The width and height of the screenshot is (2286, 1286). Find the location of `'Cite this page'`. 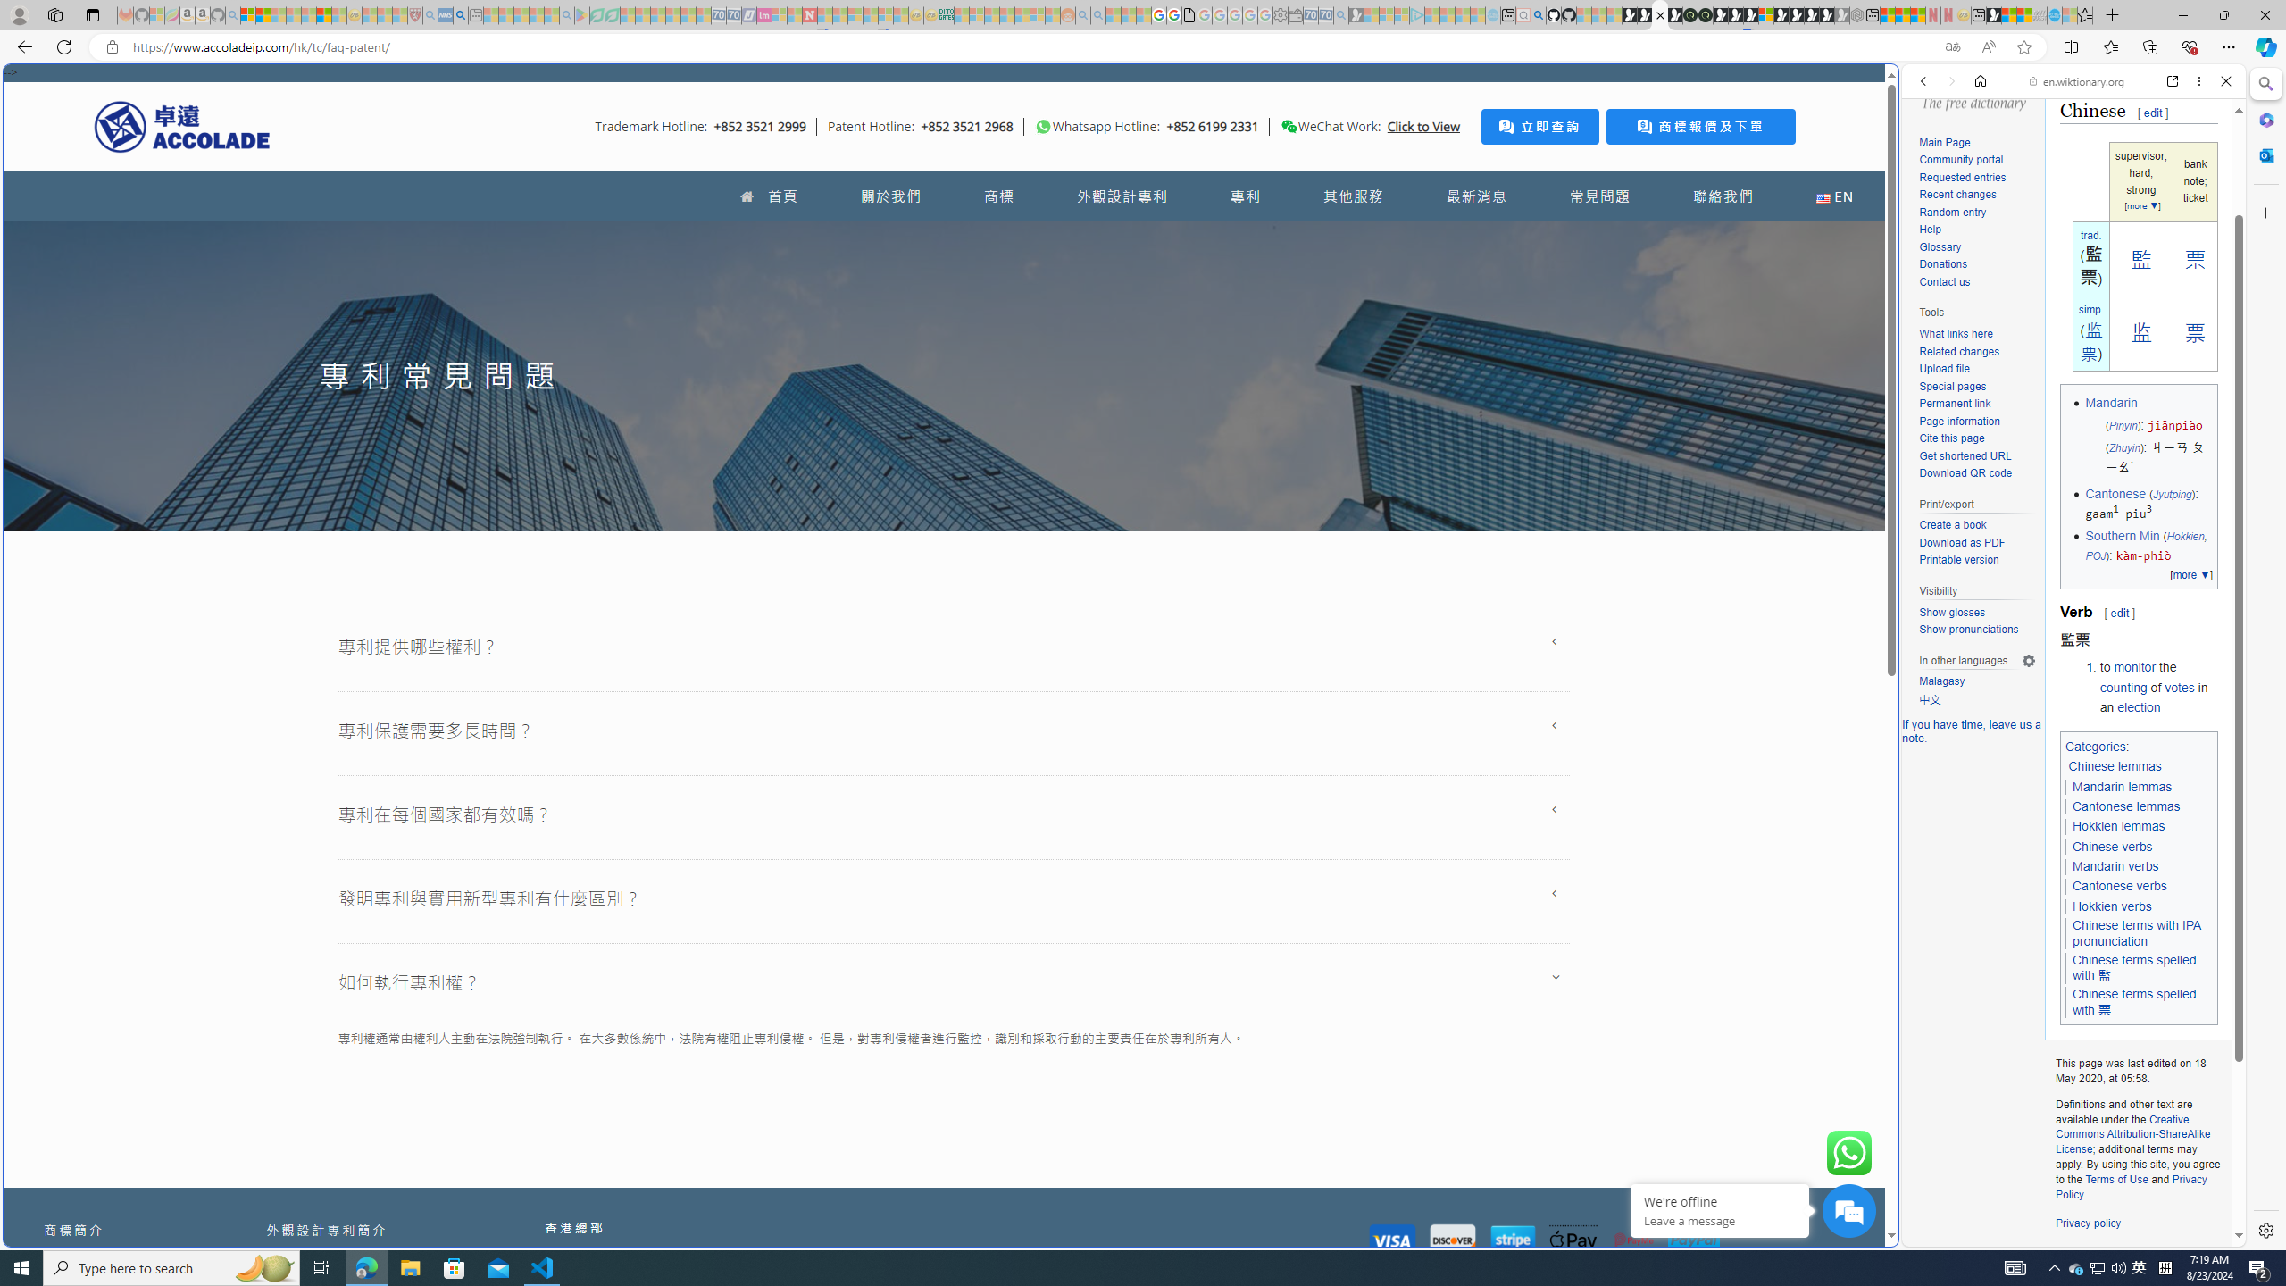

'Cite this page' is located at coordinates (1976, 438).